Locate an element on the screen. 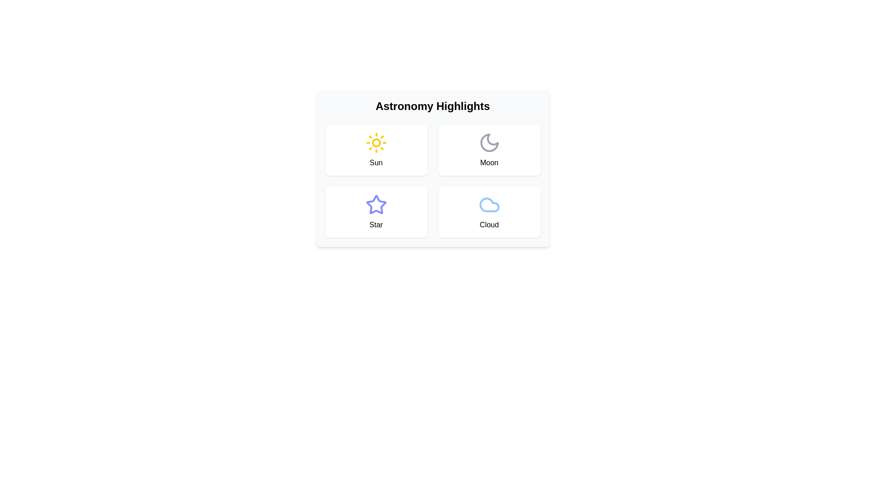 This screenshot has height=493, width=876. the Card element that represents a sun symbol, located in the top-left quadrant of the grid layout is located at coordinates (376, 149).